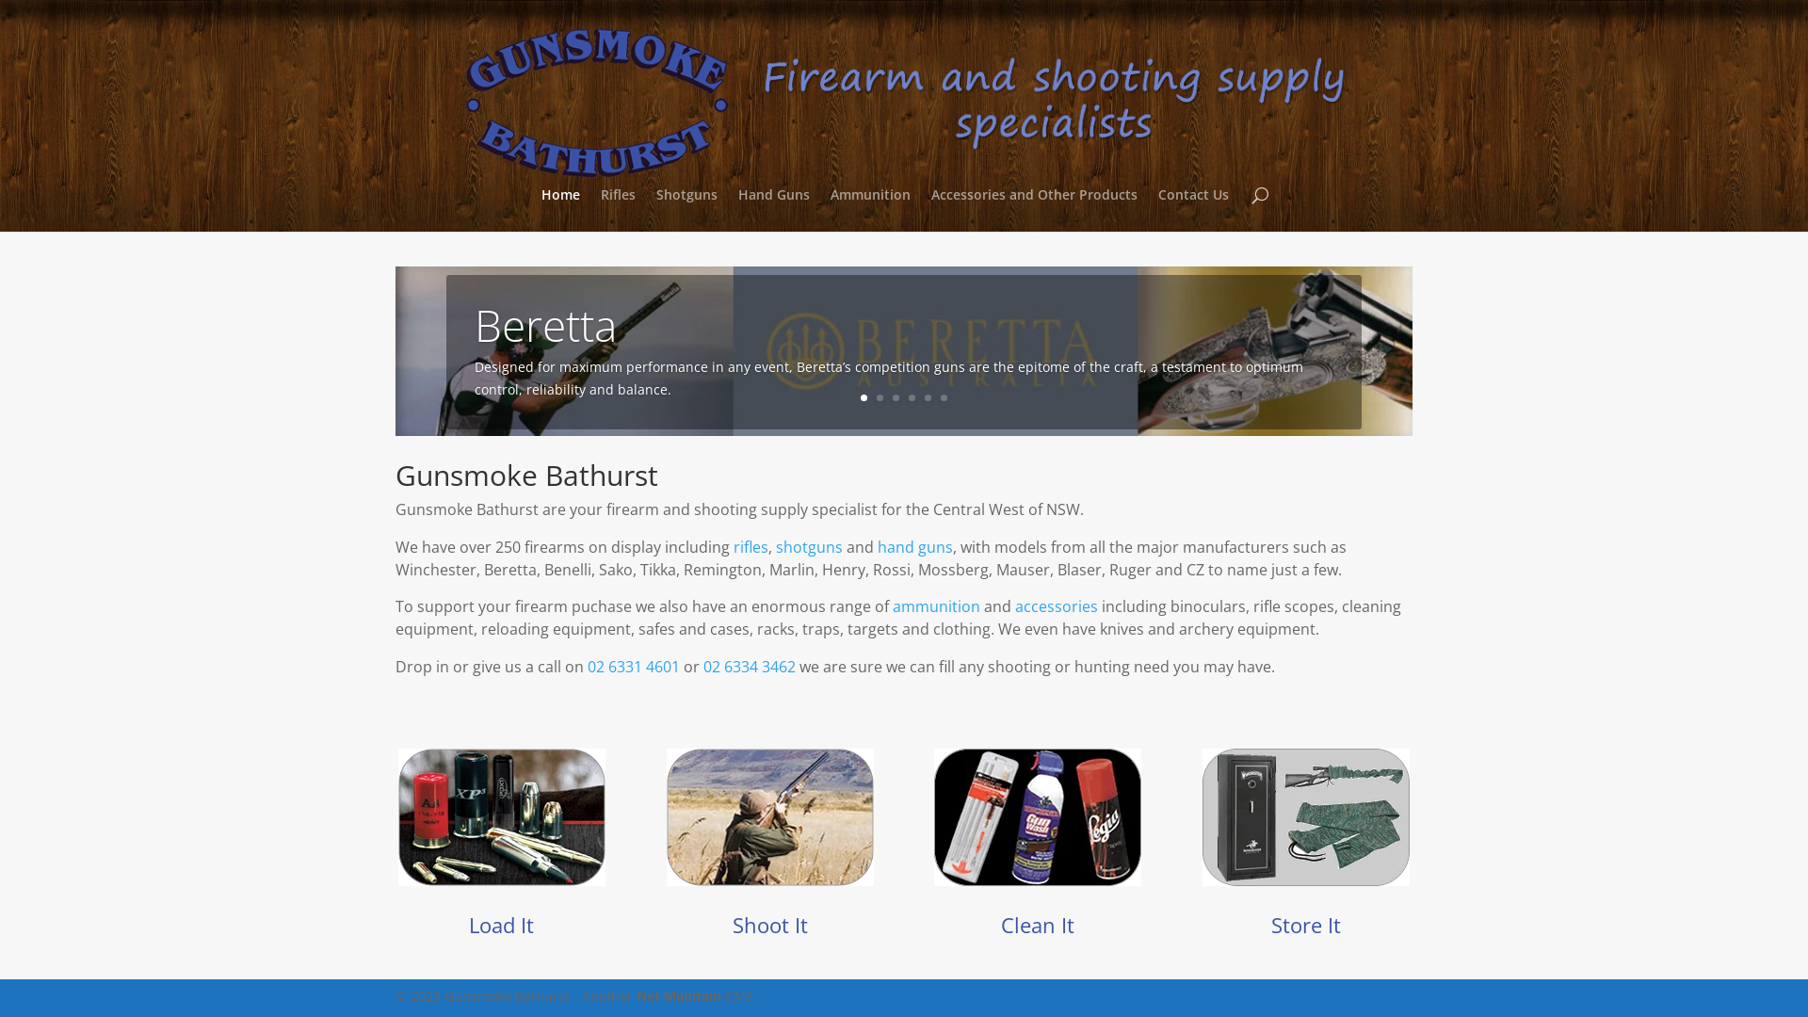 This screenshot has width=1808, height=1017. What do you see at coordinates (749, 666) in the screenshot?
I see `'02 6334 3462'` at bounding box center [749, 666].